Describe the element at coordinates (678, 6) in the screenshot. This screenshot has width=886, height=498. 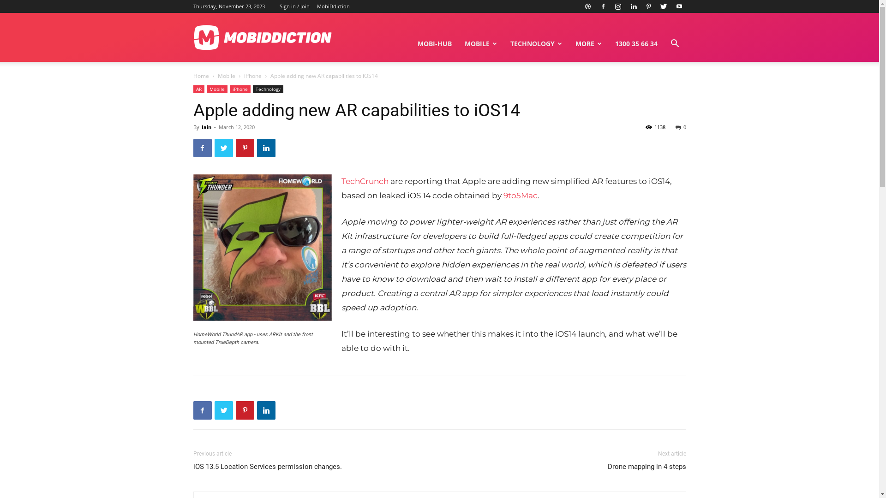
I see `'Youtube'` at that location.